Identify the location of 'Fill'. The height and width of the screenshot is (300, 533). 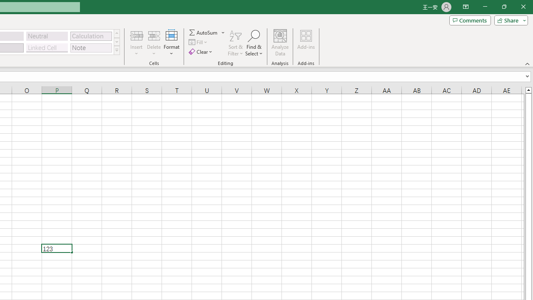
(199, 42).